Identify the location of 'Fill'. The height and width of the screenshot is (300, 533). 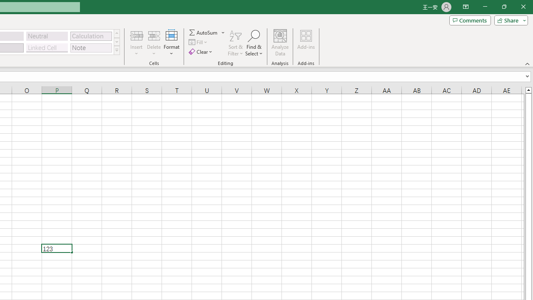
(199, 42).